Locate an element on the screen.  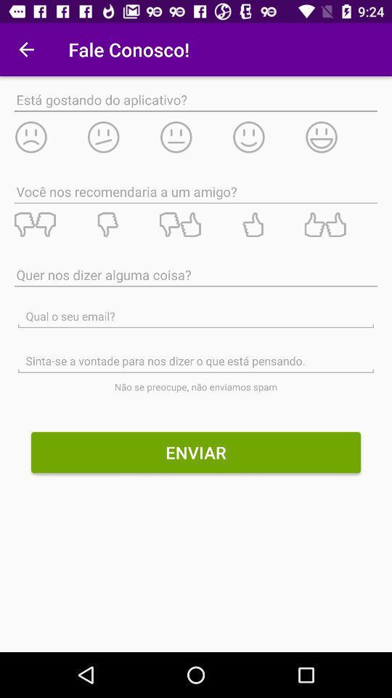
pick the middle emoji is located at coordinates (195, 137).